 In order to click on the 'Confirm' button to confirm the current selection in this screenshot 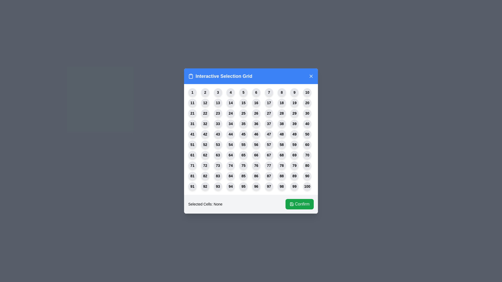, I will do `click(300, 204)`.